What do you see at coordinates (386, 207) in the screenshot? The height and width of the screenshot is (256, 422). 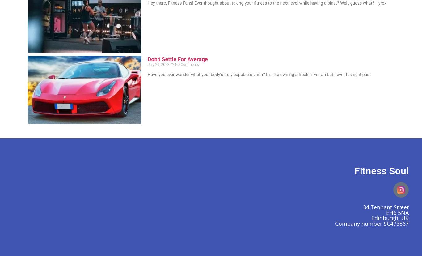 I see `'34 Tennant Street'` at bounding box center [386, 207].